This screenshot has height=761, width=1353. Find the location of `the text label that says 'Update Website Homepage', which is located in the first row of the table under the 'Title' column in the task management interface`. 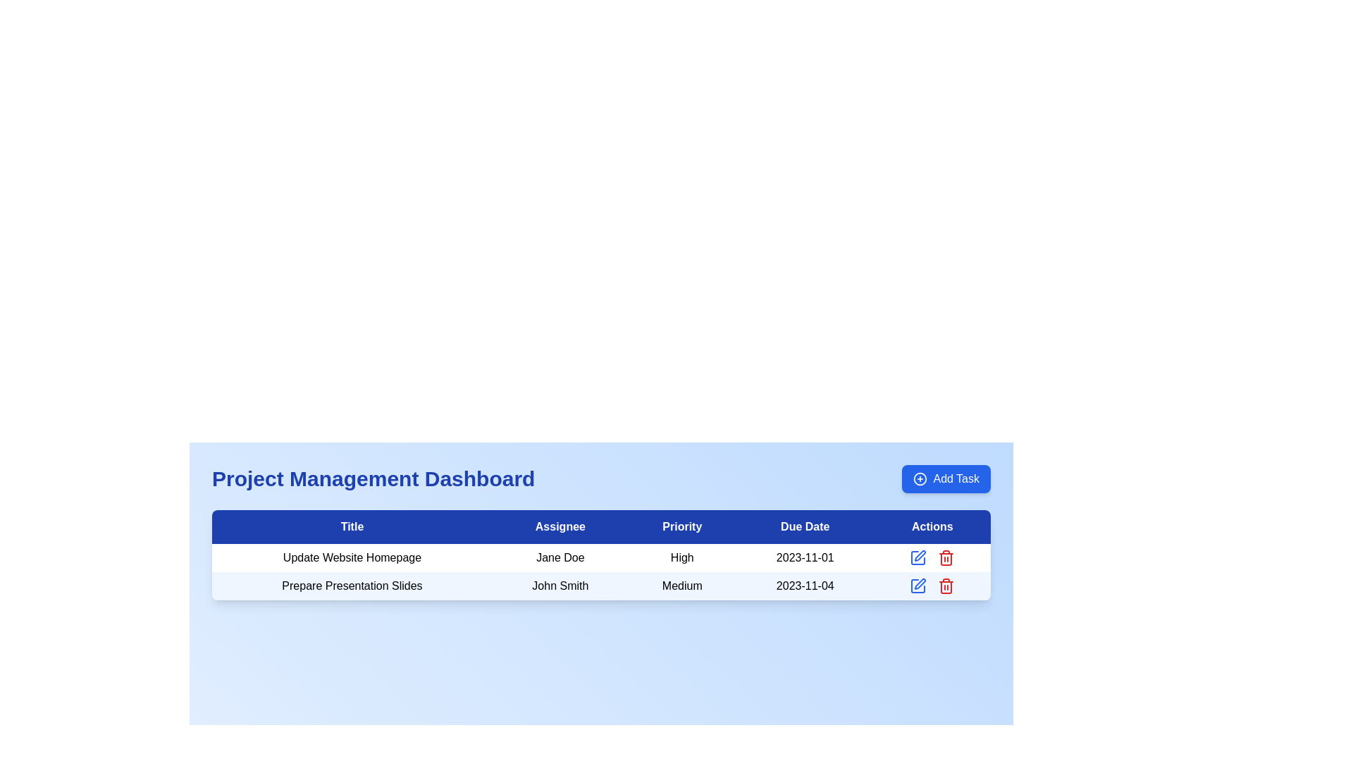

the text label that says 'Update Website Homepage', which is located in the first row of the table under the 'Title' column in the task management interface is located at coordinates (352, 557).